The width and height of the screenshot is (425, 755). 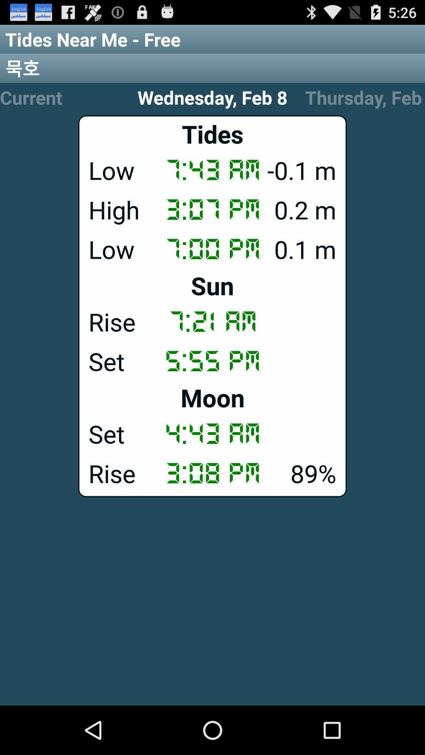 What do you see at coordinates (213, 398) in the screenshot?
I see `app above set app` at bounding box center [213, 398].